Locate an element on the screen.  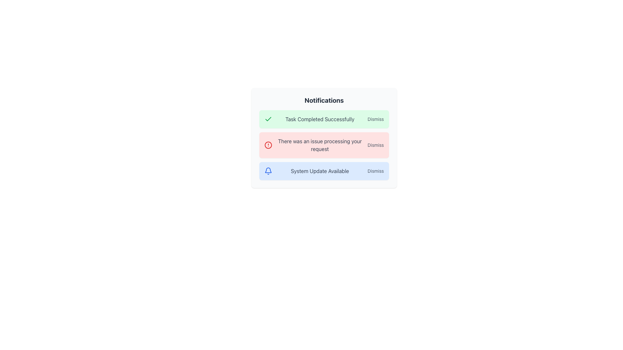
the dismiss button located at the far right of the blue rounded rectangle notification for the system update to change its color is located at coordinates (375, 171).